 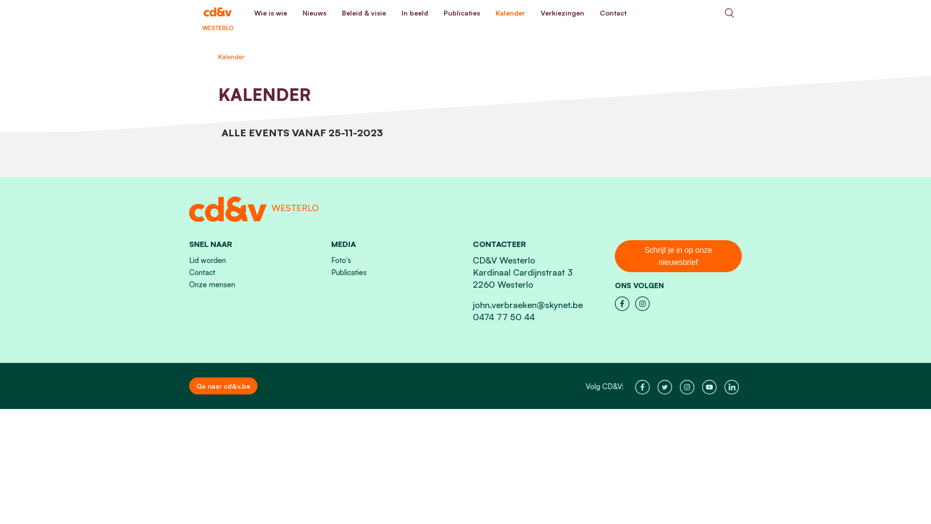 I want to click on 'Verkiezingen', so click(x=562, y=13).